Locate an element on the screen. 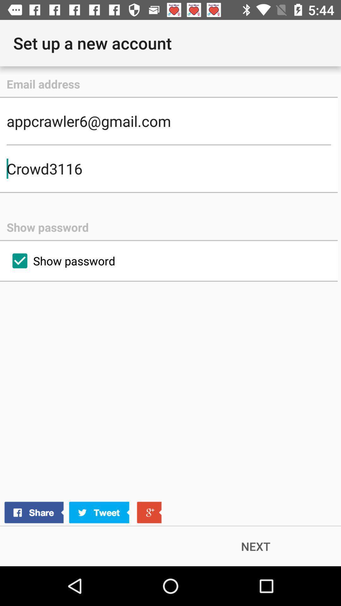 The image size is (341, 606). the item at the bottom right corner is located at coordinates (256, 546).